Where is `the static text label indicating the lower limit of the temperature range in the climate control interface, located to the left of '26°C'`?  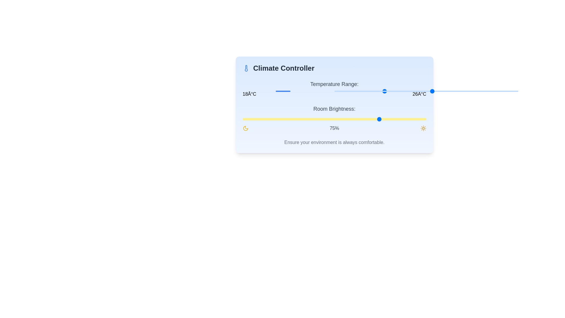
the static text label indicating the lower limit of the temperature range in the climate control interface, located to the left of '26°C' is located at coordinates (249, 94).